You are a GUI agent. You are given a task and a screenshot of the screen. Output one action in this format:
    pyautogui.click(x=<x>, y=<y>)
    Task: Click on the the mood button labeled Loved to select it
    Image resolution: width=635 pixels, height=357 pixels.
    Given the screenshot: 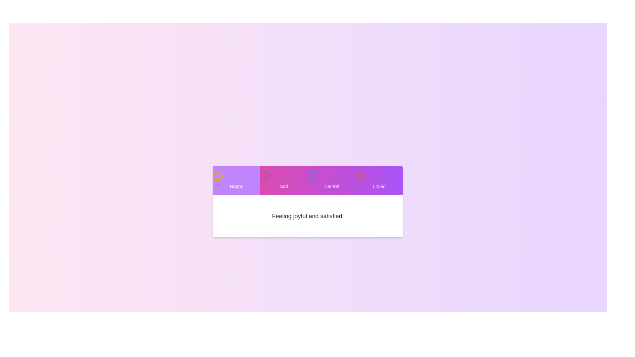 What is the action you would take?
    pyautogui.click(x=379, y=180)
    